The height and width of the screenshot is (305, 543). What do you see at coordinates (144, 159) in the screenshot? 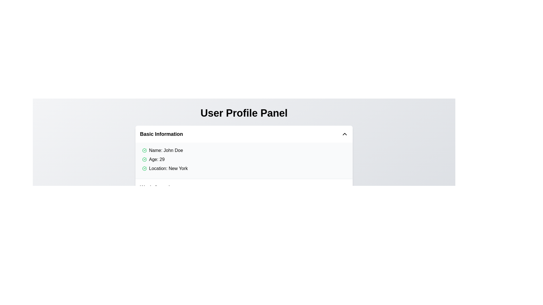
I see `the validation icon located to the left of the 'Age: 29' text in the 'Basic Information' section, indicating successful validation of the age` at bounding box center [144, 159].